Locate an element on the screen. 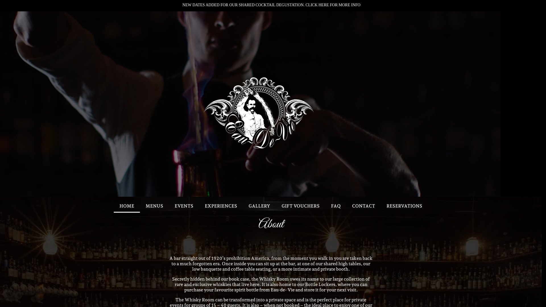  'GALLERY' is located at coordinates (259, 206).